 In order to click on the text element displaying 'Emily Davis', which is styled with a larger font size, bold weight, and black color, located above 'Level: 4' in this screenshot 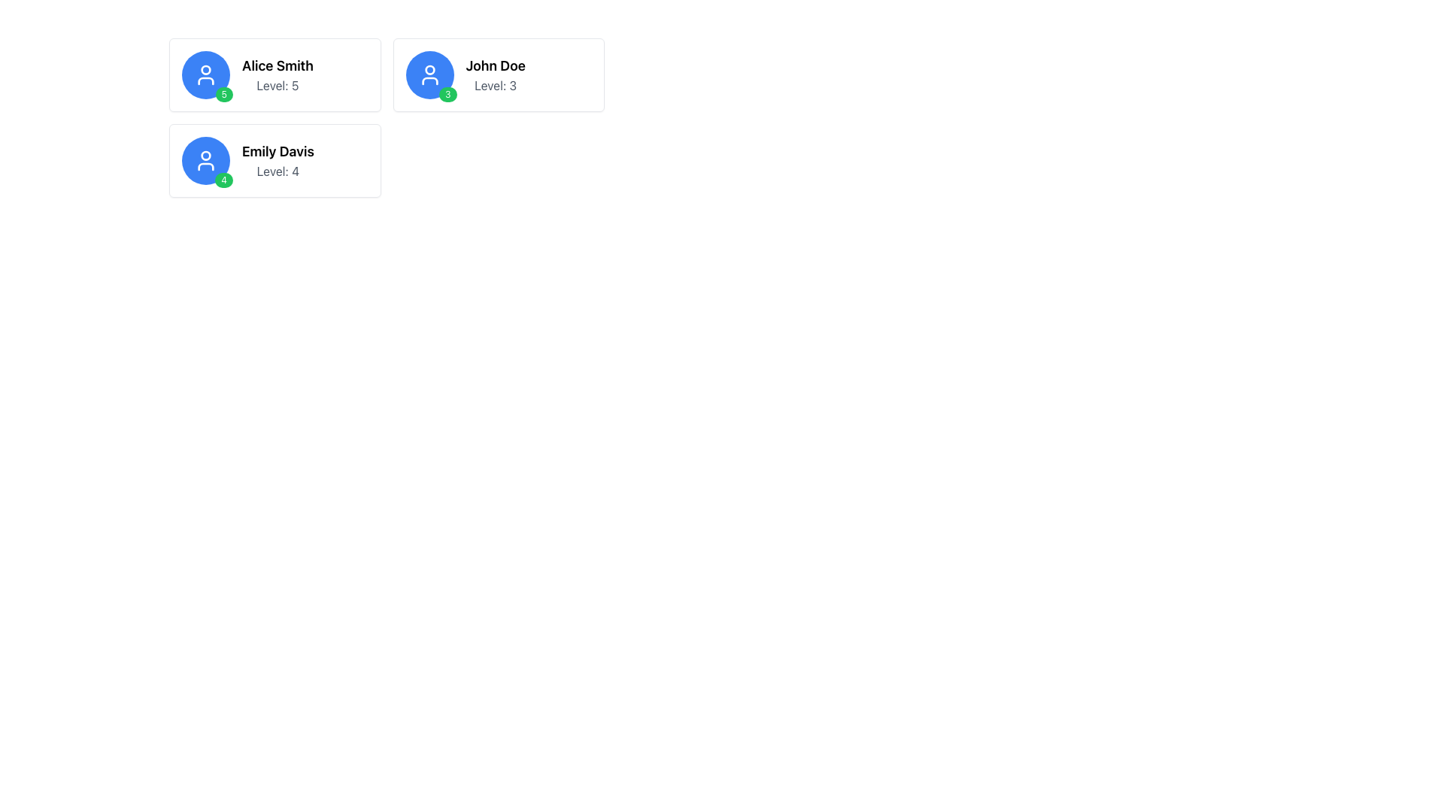, I will do `click(278, 151)`.